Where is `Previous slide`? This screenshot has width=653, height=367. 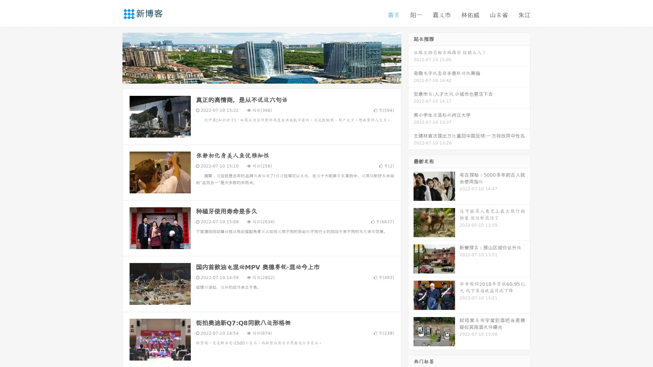 Previous slide is located at coordinates (112, 57).